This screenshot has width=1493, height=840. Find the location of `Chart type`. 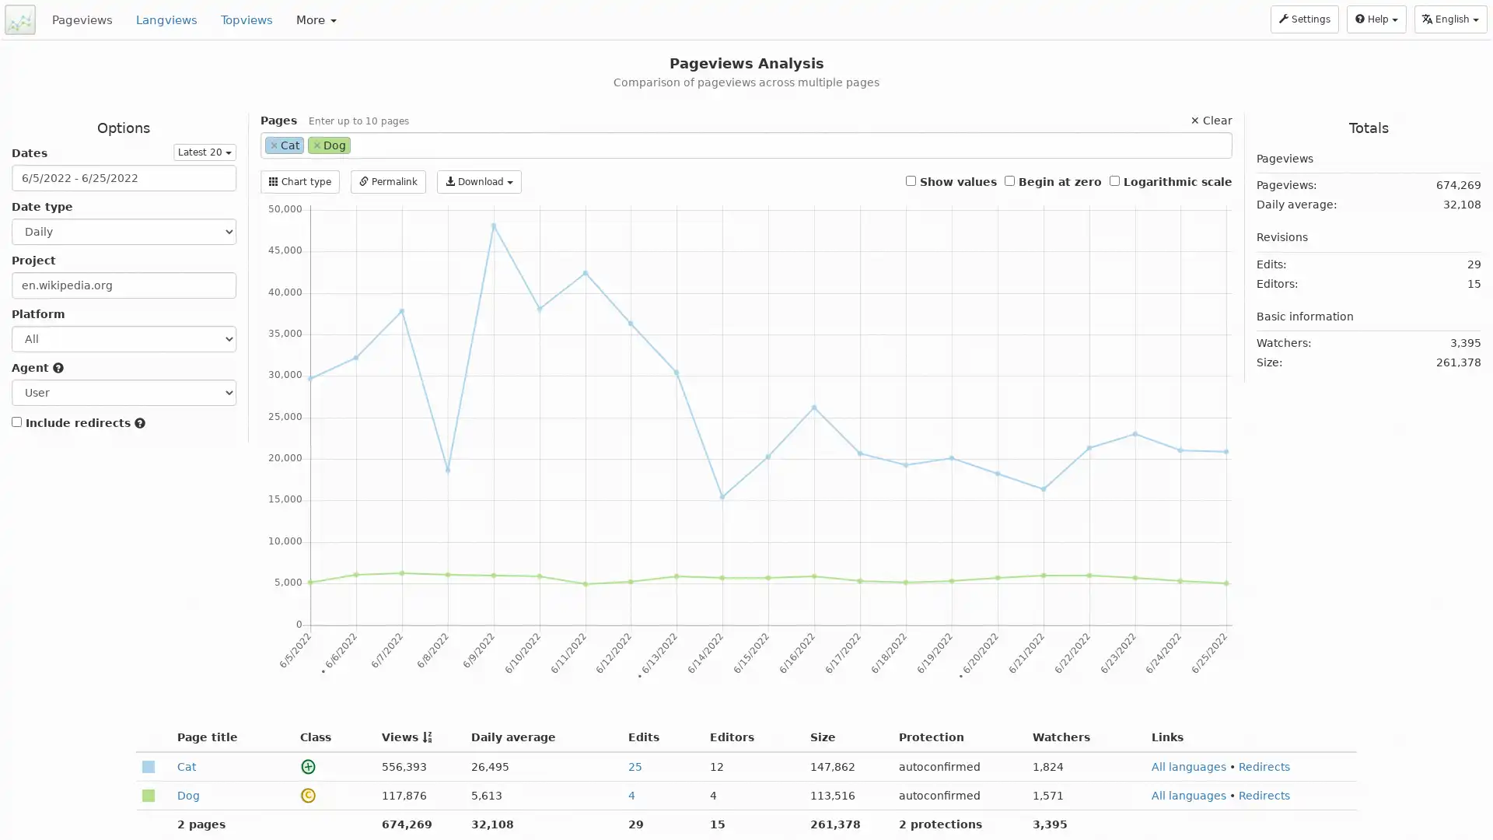

Chart type is located at coordinates (299, 181).